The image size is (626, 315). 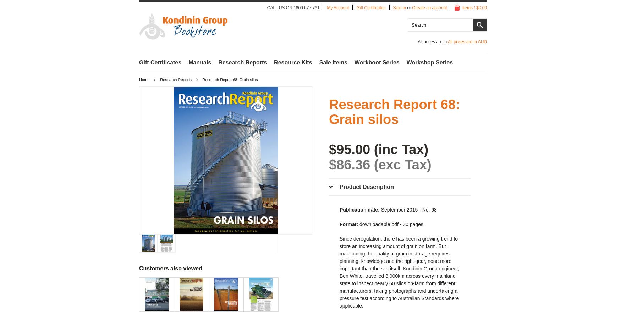 I want to click on 'Sign in', so click(x=399, y=7).